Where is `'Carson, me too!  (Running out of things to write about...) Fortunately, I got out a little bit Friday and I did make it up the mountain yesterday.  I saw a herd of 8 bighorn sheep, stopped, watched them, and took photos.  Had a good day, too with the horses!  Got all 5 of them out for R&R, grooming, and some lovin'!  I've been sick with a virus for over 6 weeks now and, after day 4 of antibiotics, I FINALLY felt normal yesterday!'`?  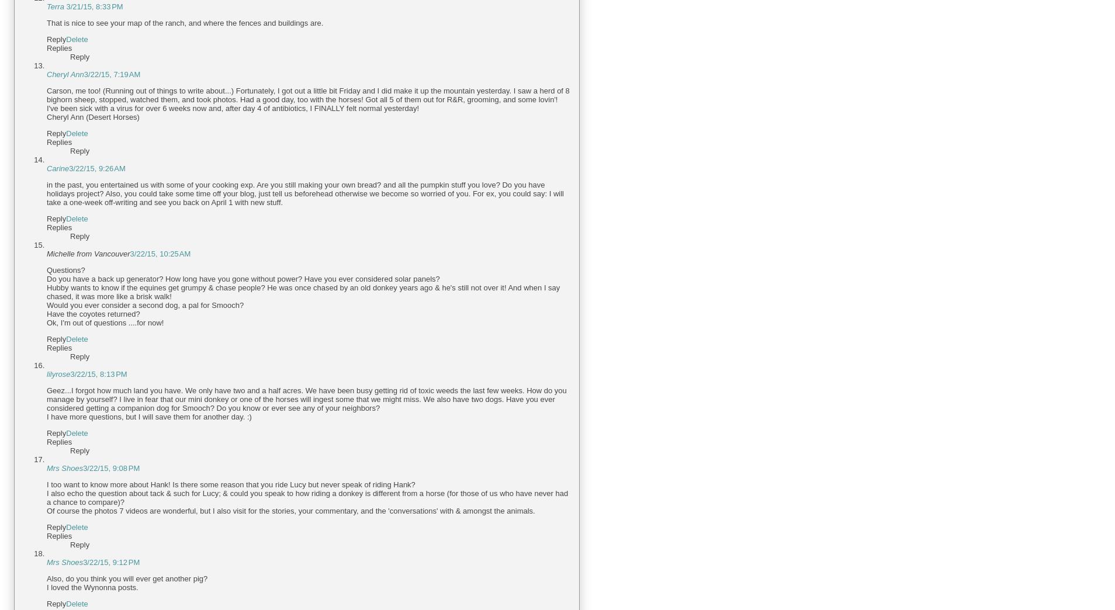 'Carson, me too!  (Running out of things to write about...) Fortunately, I got out a little bit Friday and I did make it up the mountain yesterday.  I saw a herd of 8 bighorn sheep, stopped, watched them, and took photos.  Had a good day, too with the horses!  Got all 5 of them out for R&R, grooming, and some lovin'!  I've been sick with a virus for over 6 weeks now and, after day 4 of antibiotics, I FINALLY felt normal yesterday!' is located at coordinates (307, 99).